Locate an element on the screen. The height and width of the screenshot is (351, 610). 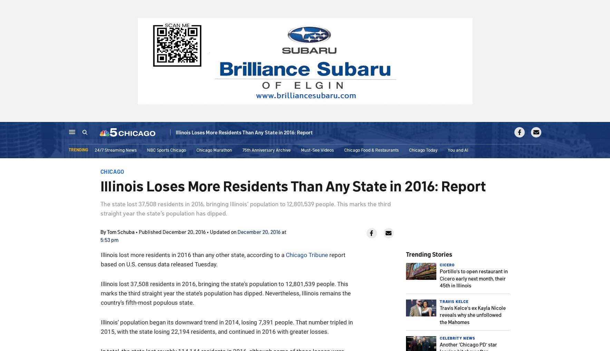
'Trending Stories' is located at coordinates (428, 254).